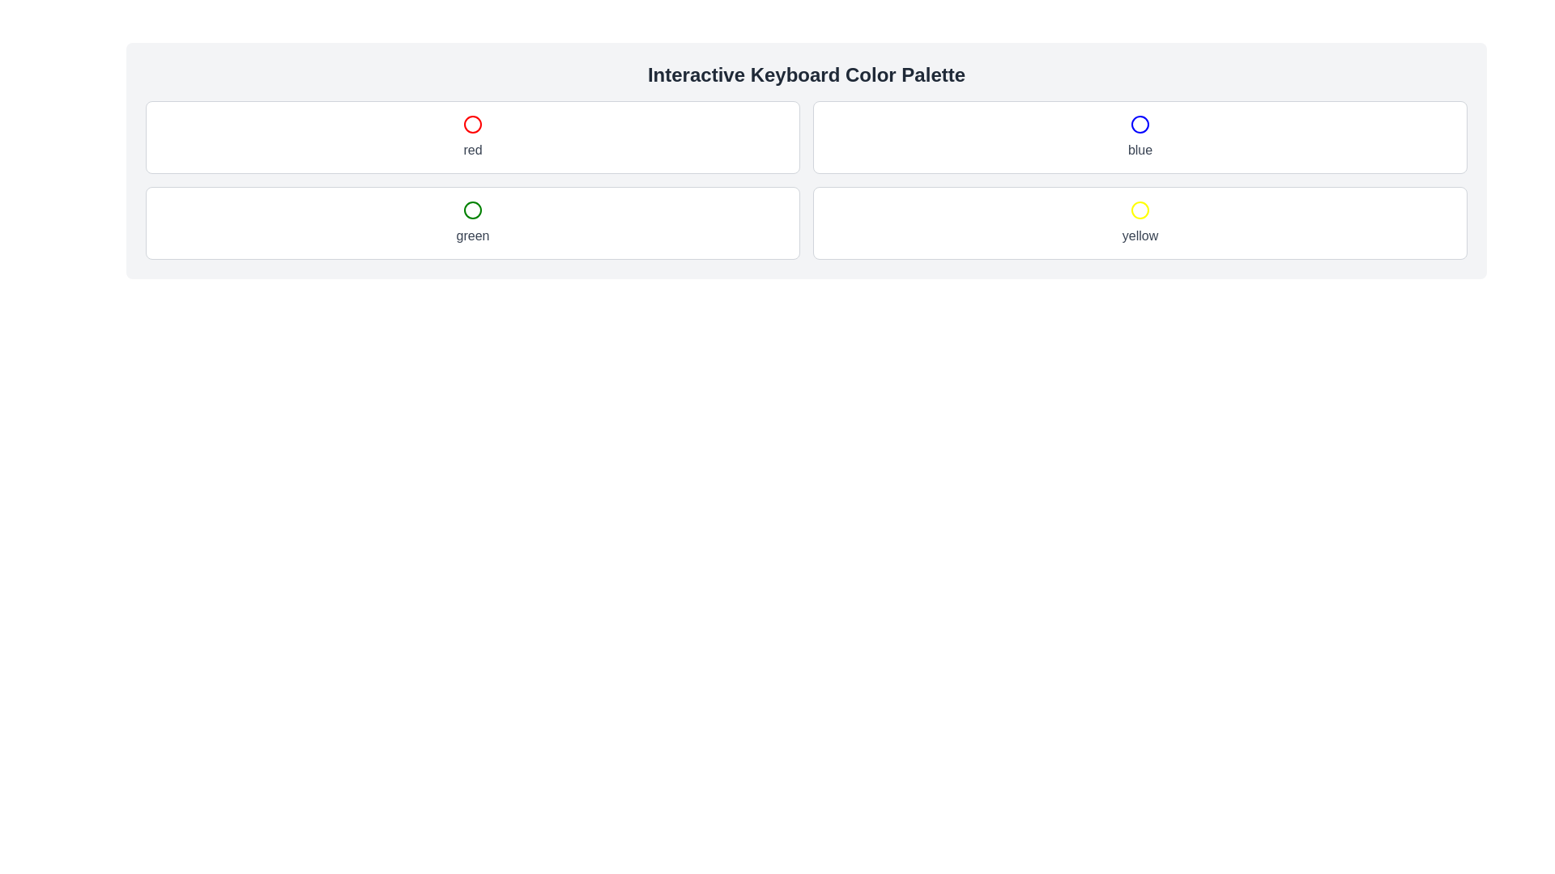 The image size is (1555, 874). I want to click on the SVG Circle element that serves a decorative purpose, which is part of a green-outlined circle with the CSS class 'lucide lucide-circle w-6 h-6 mb-2', so click(472, 209).